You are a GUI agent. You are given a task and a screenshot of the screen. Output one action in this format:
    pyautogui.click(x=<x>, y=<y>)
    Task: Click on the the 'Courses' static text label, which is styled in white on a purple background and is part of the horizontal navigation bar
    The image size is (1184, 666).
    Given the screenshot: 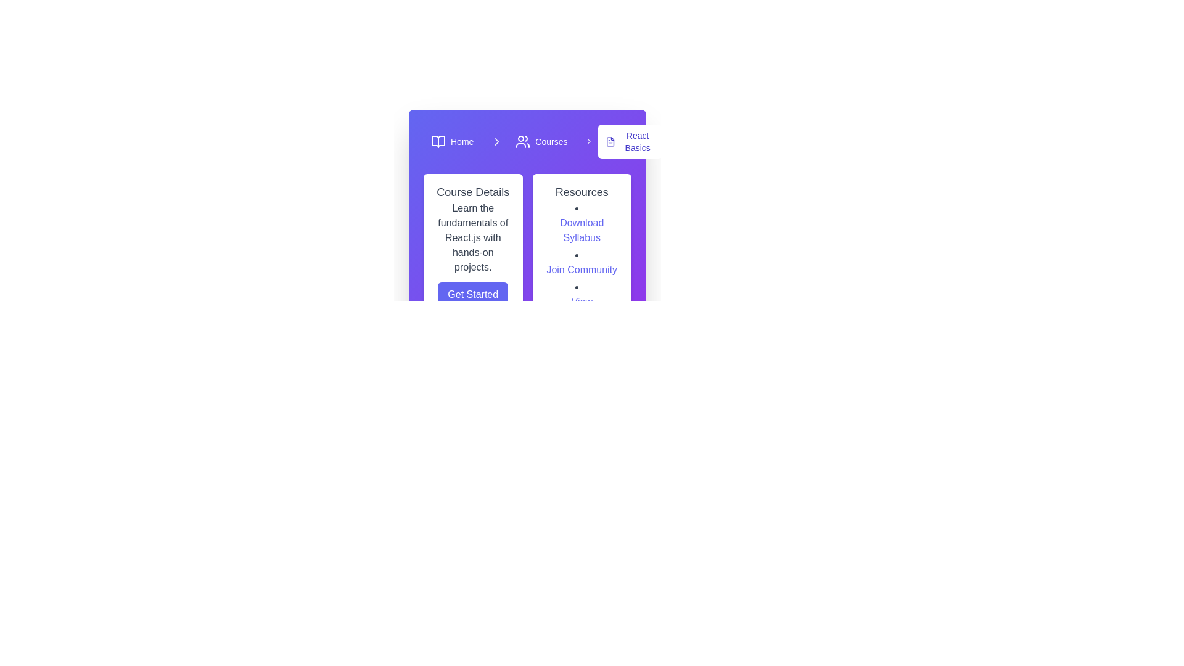 What is the action you would take?
    pyautogui.click(x=551, y=141)
    